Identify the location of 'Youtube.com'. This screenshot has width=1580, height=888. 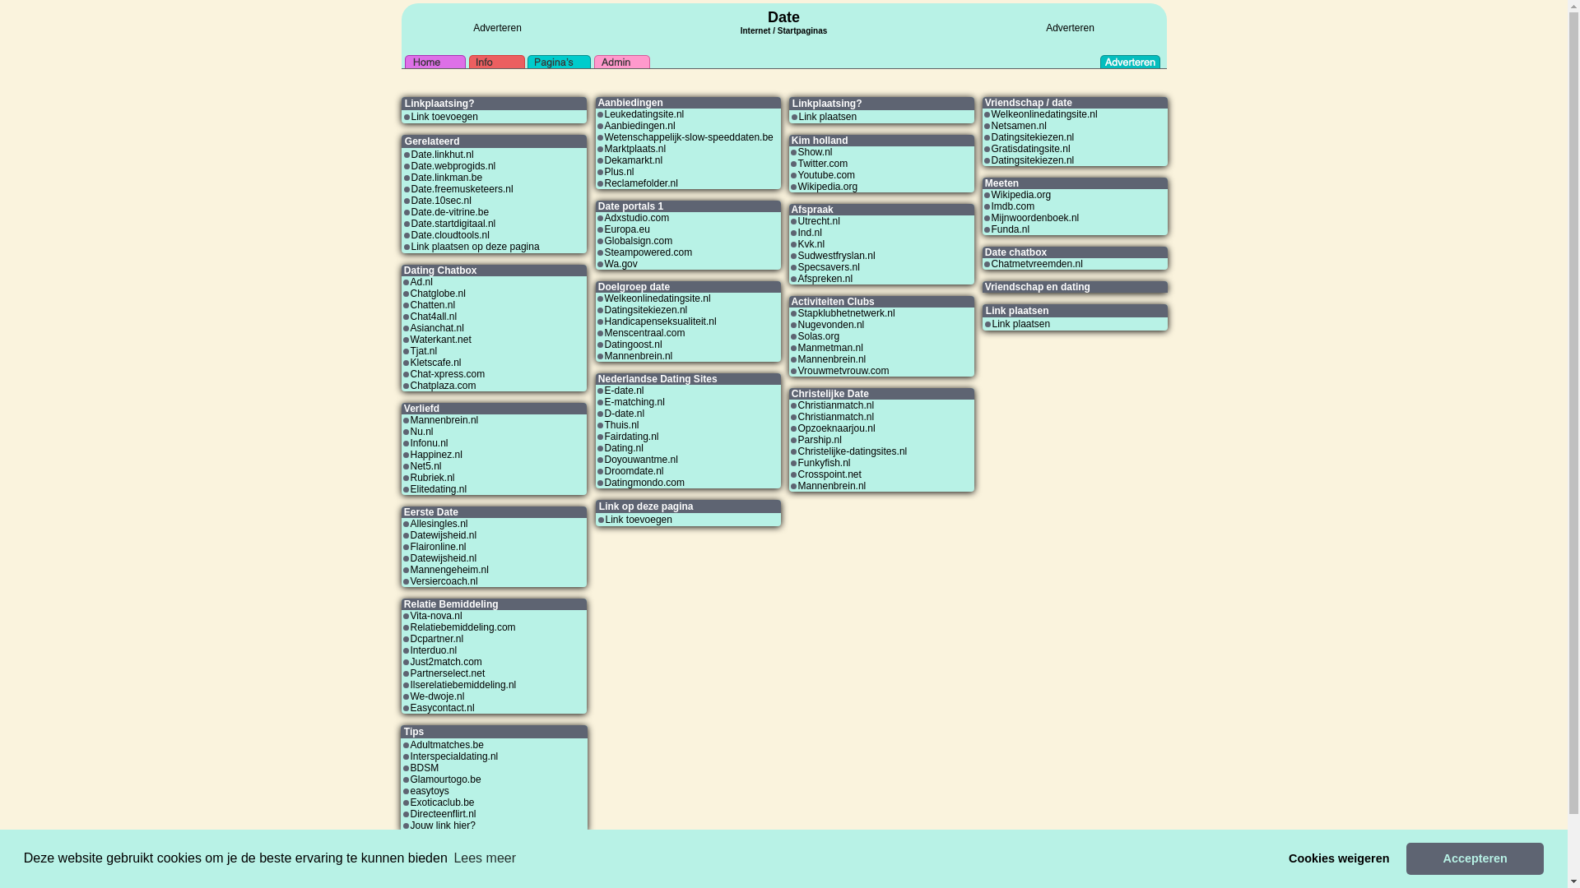
(826, 174).